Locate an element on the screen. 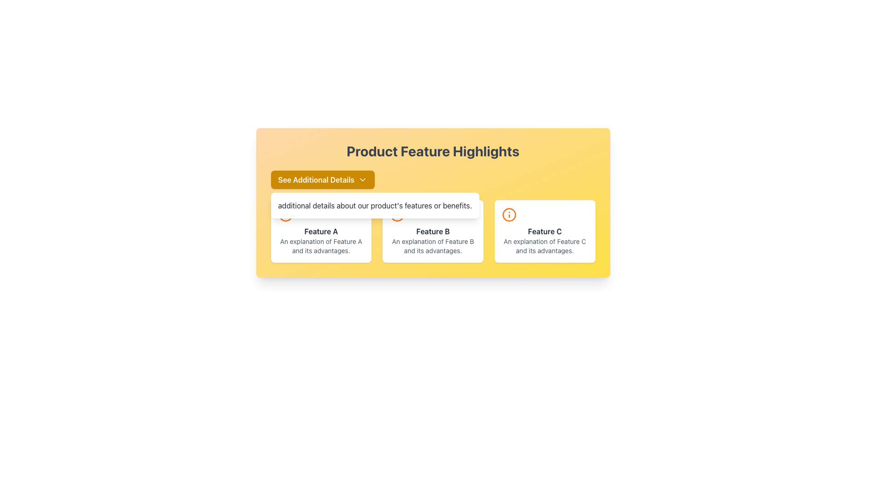 The width and height of the screenshot is (885, 498). the text label that serves as the title for the second feature, which is located in the middle card of a horizontal layout of three cards, centered below an orange icon and above a descriptive paragraph is located at coordinates (432, 231).